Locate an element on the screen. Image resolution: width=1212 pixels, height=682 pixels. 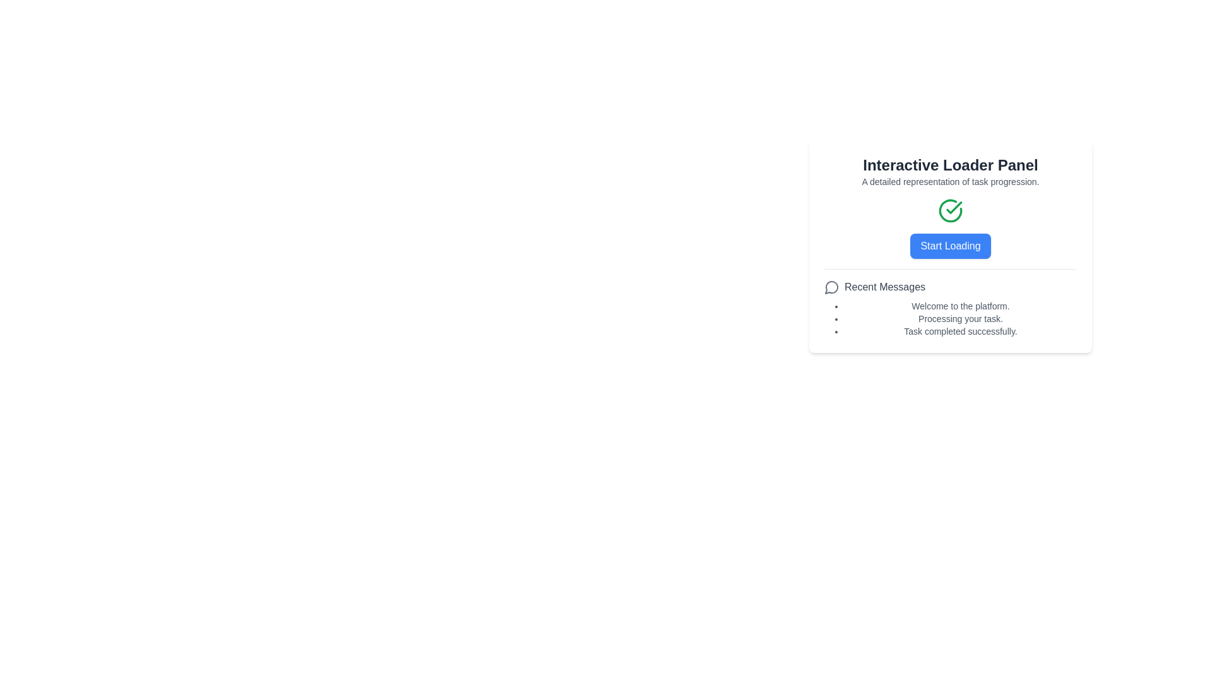
the circular icon with a green border and a green check mark inside it, located above the 'Start Loading' button in the 'Interactive Loader Panel.' is located at coordinates (951, 210).